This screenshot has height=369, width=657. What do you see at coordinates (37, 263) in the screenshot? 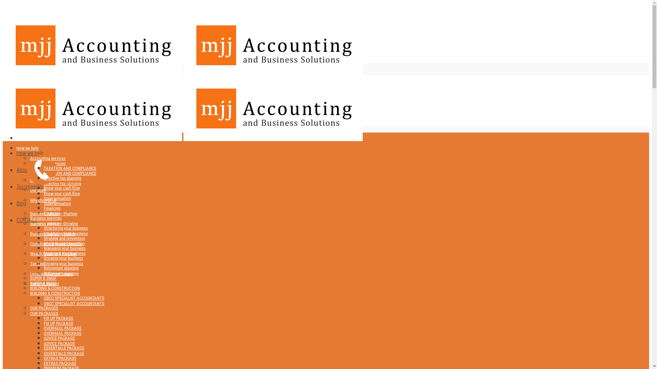
I see `'Tax Tips'` at bounding box center [37, 263].